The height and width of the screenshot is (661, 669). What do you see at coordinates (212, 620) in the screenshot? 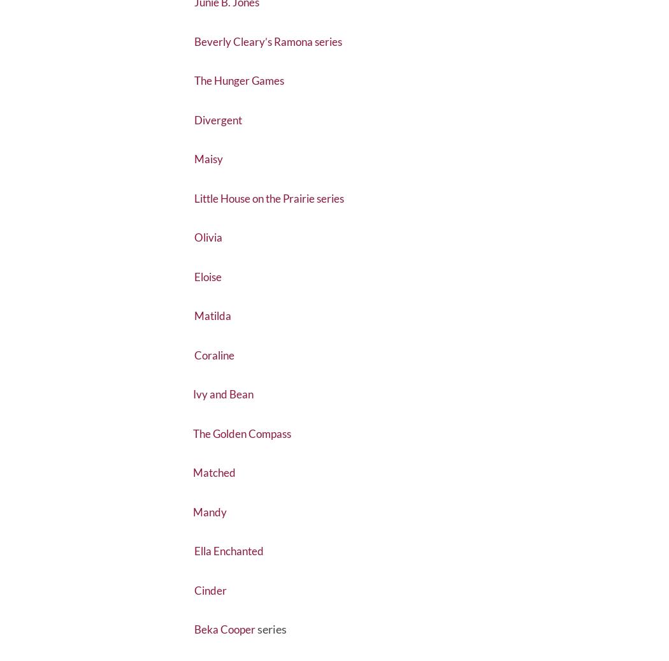
I see `'Cinder'` at bounding box center [212, 620].